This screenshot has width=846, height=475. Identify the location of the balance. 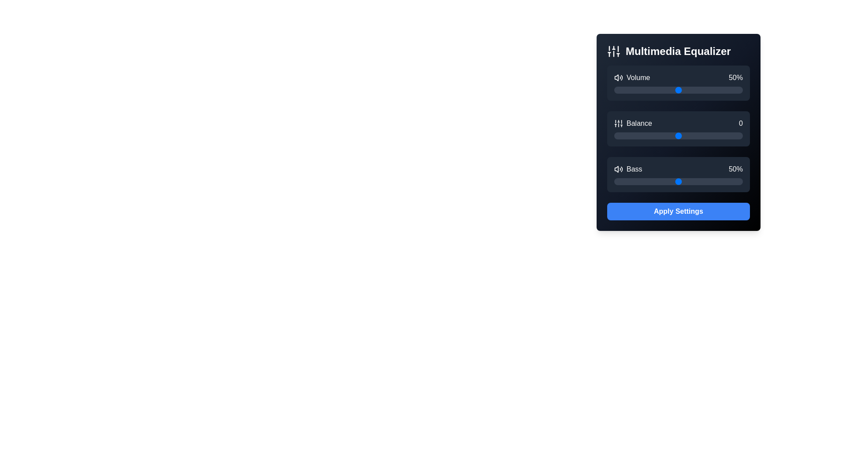
(636, 135).